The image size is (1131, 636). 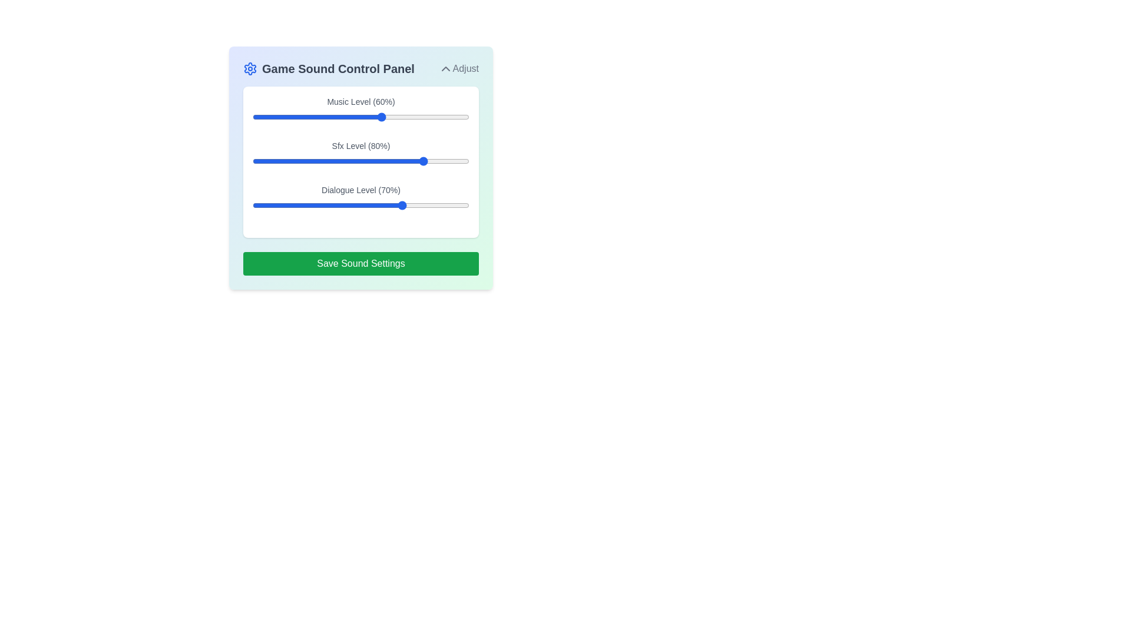 I want to click on the 'Save Sound Settings' button, so click(x=361, y=263).